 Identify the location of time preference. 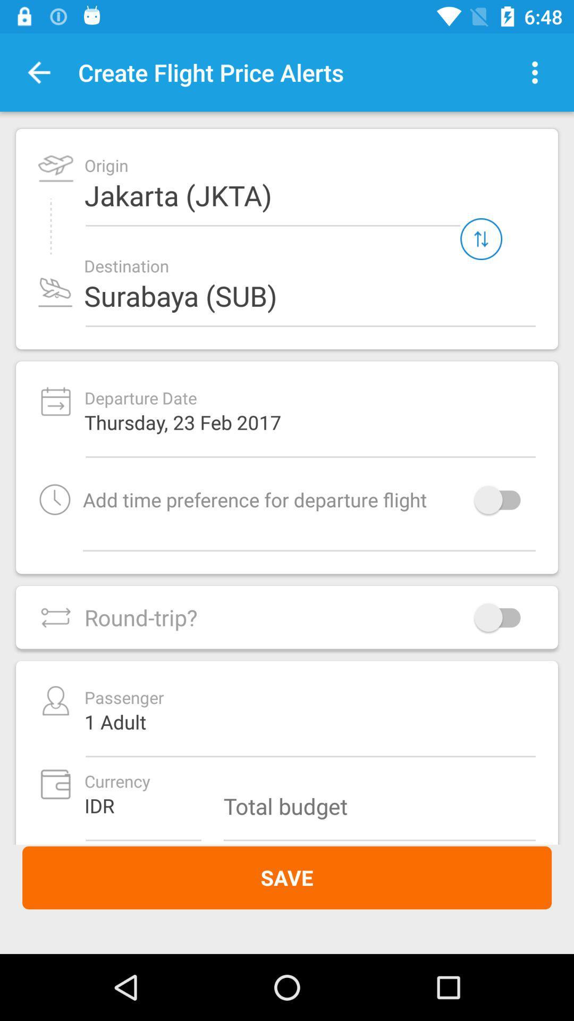
(502, 499).